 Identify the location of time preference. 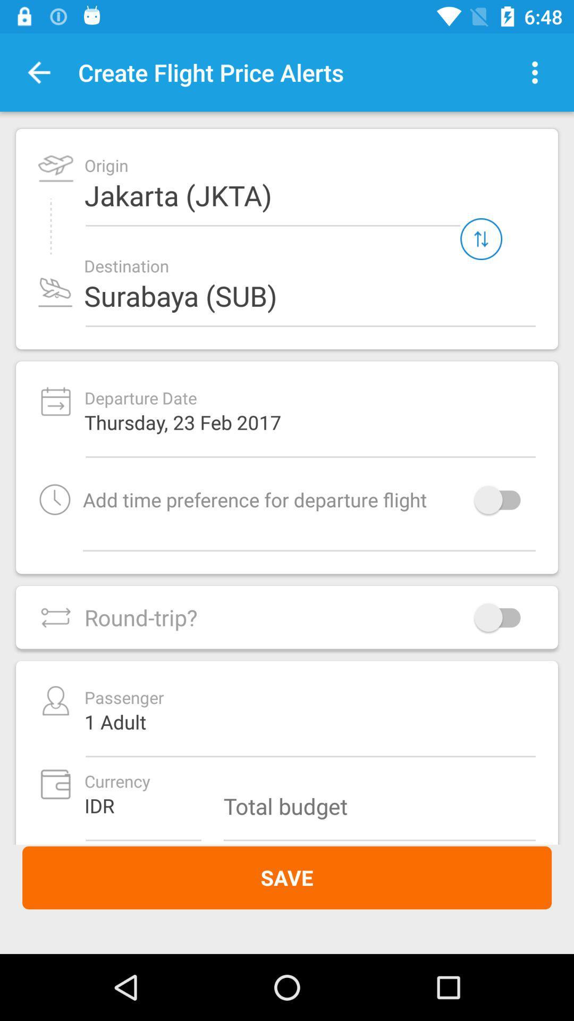
(502, 499).